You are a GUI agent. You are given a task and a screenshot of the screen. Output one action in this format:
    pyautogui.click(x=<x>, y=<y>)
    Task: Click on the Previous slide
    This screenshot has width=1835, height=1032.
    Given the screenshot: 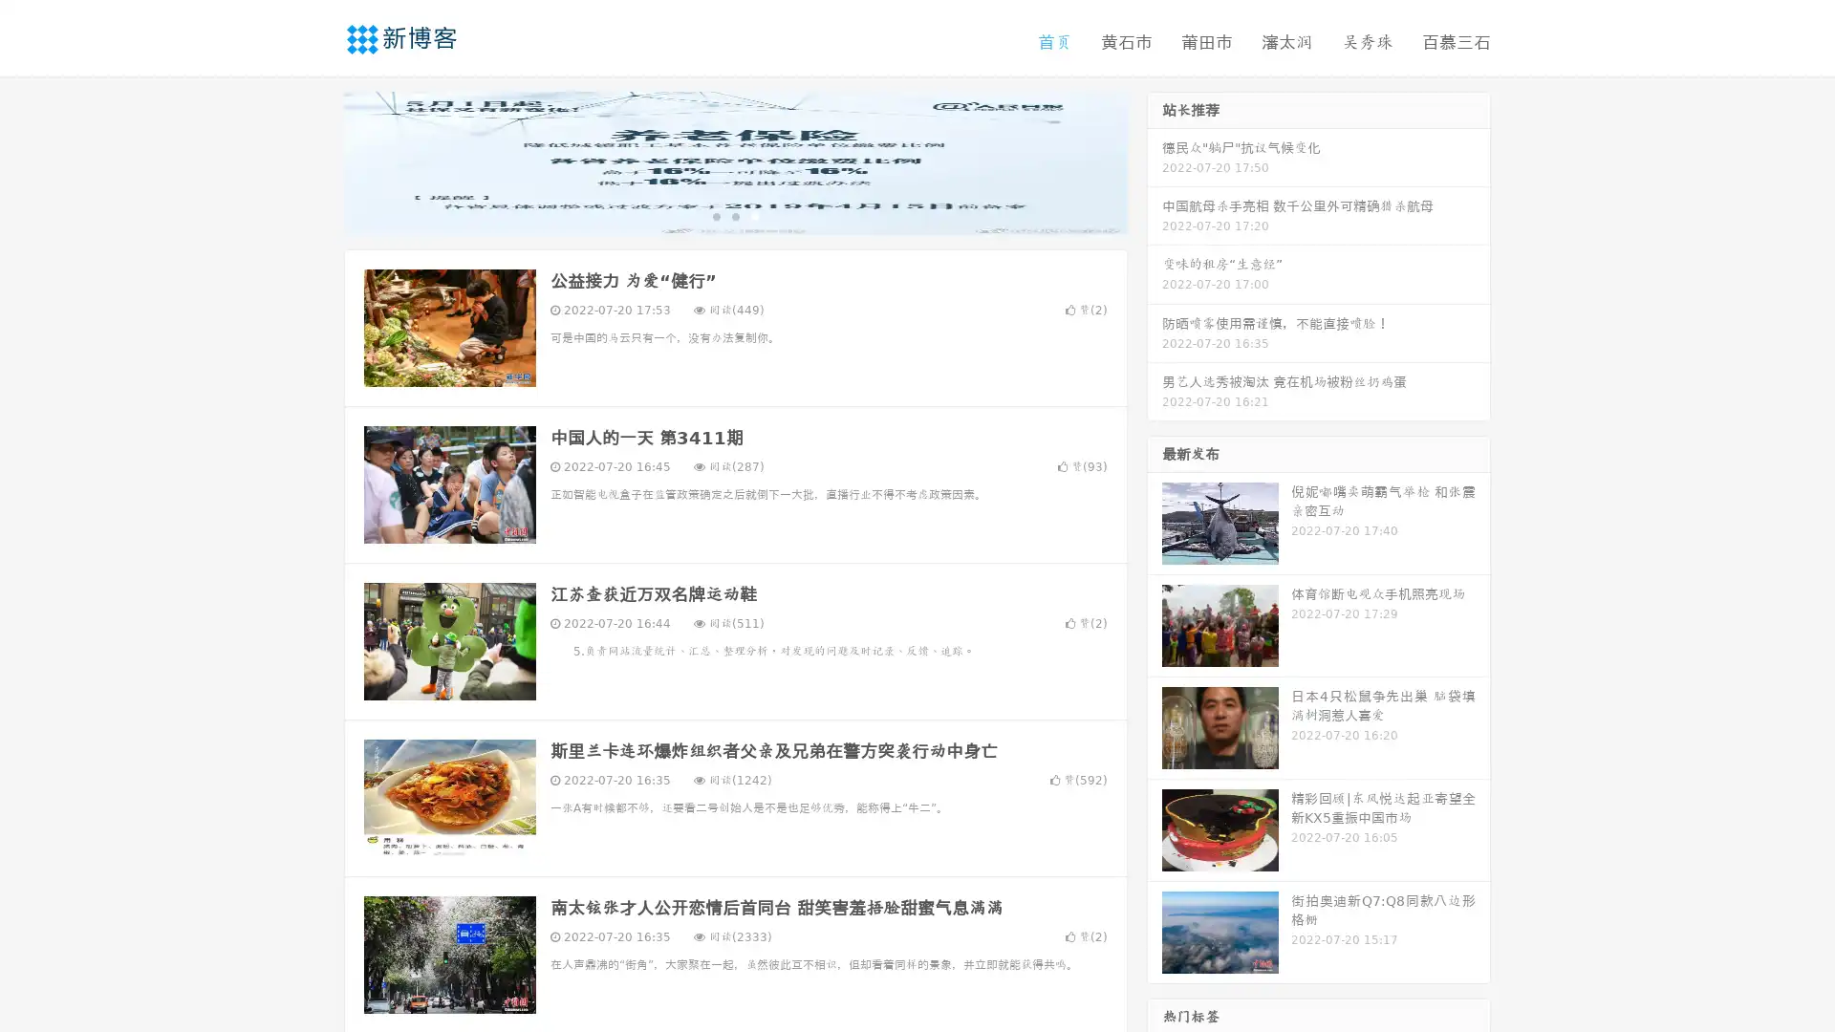 What is the action you would take?
    pyautogui.click(x=315, y=161)
    